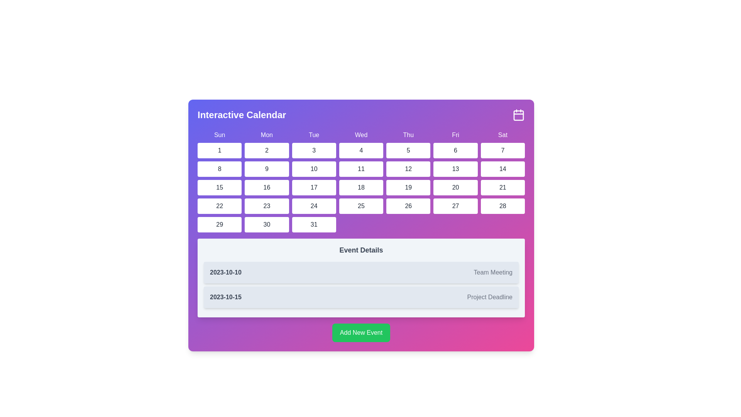 Image resolution: width=741 pixels, height=417 pixels. I want to click on the day cell in the calendar grid that displays the number '19', located under the column labeled 'Thu' in the third row, for keyboard navigation, so click(408, 188).